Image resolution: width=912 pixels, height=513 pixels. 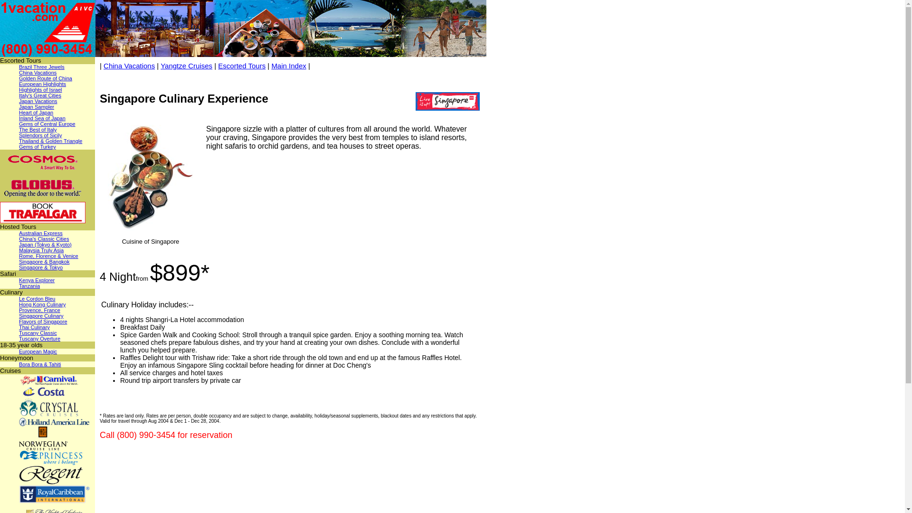 I want to click on 'Kenya Explorer', so click(x=19, y=280).